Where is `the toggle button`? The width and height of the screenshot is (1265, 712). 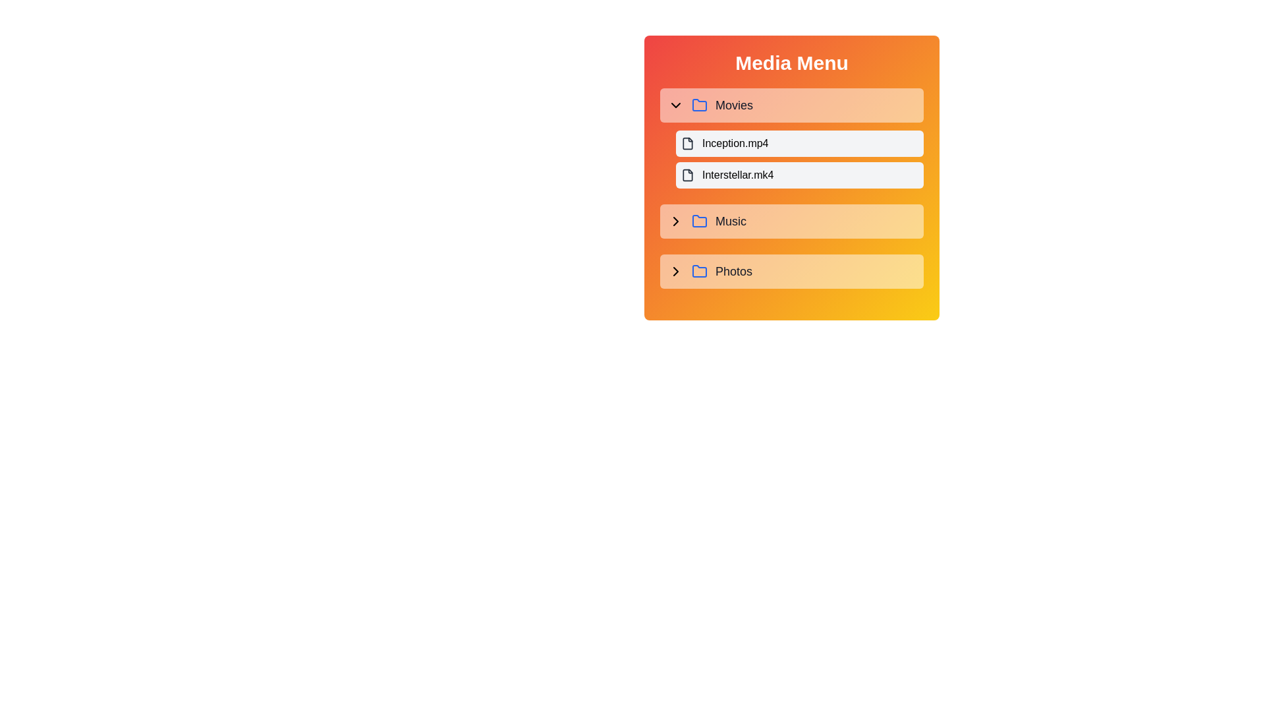 the toggle button is located at coordinates (676, 271).